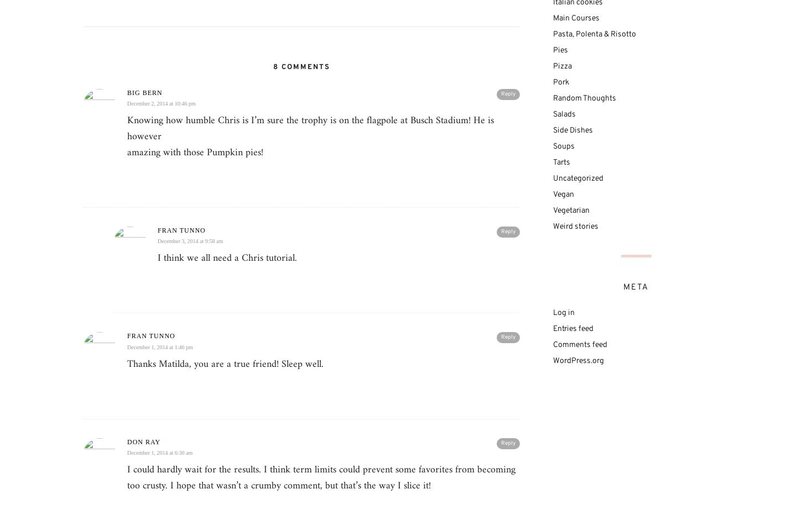 The image size is (802, 510). What do you see at coordinates (126, 92) in the screenshot?
I see `'Big Bern'` at bounding box center [126, 92].